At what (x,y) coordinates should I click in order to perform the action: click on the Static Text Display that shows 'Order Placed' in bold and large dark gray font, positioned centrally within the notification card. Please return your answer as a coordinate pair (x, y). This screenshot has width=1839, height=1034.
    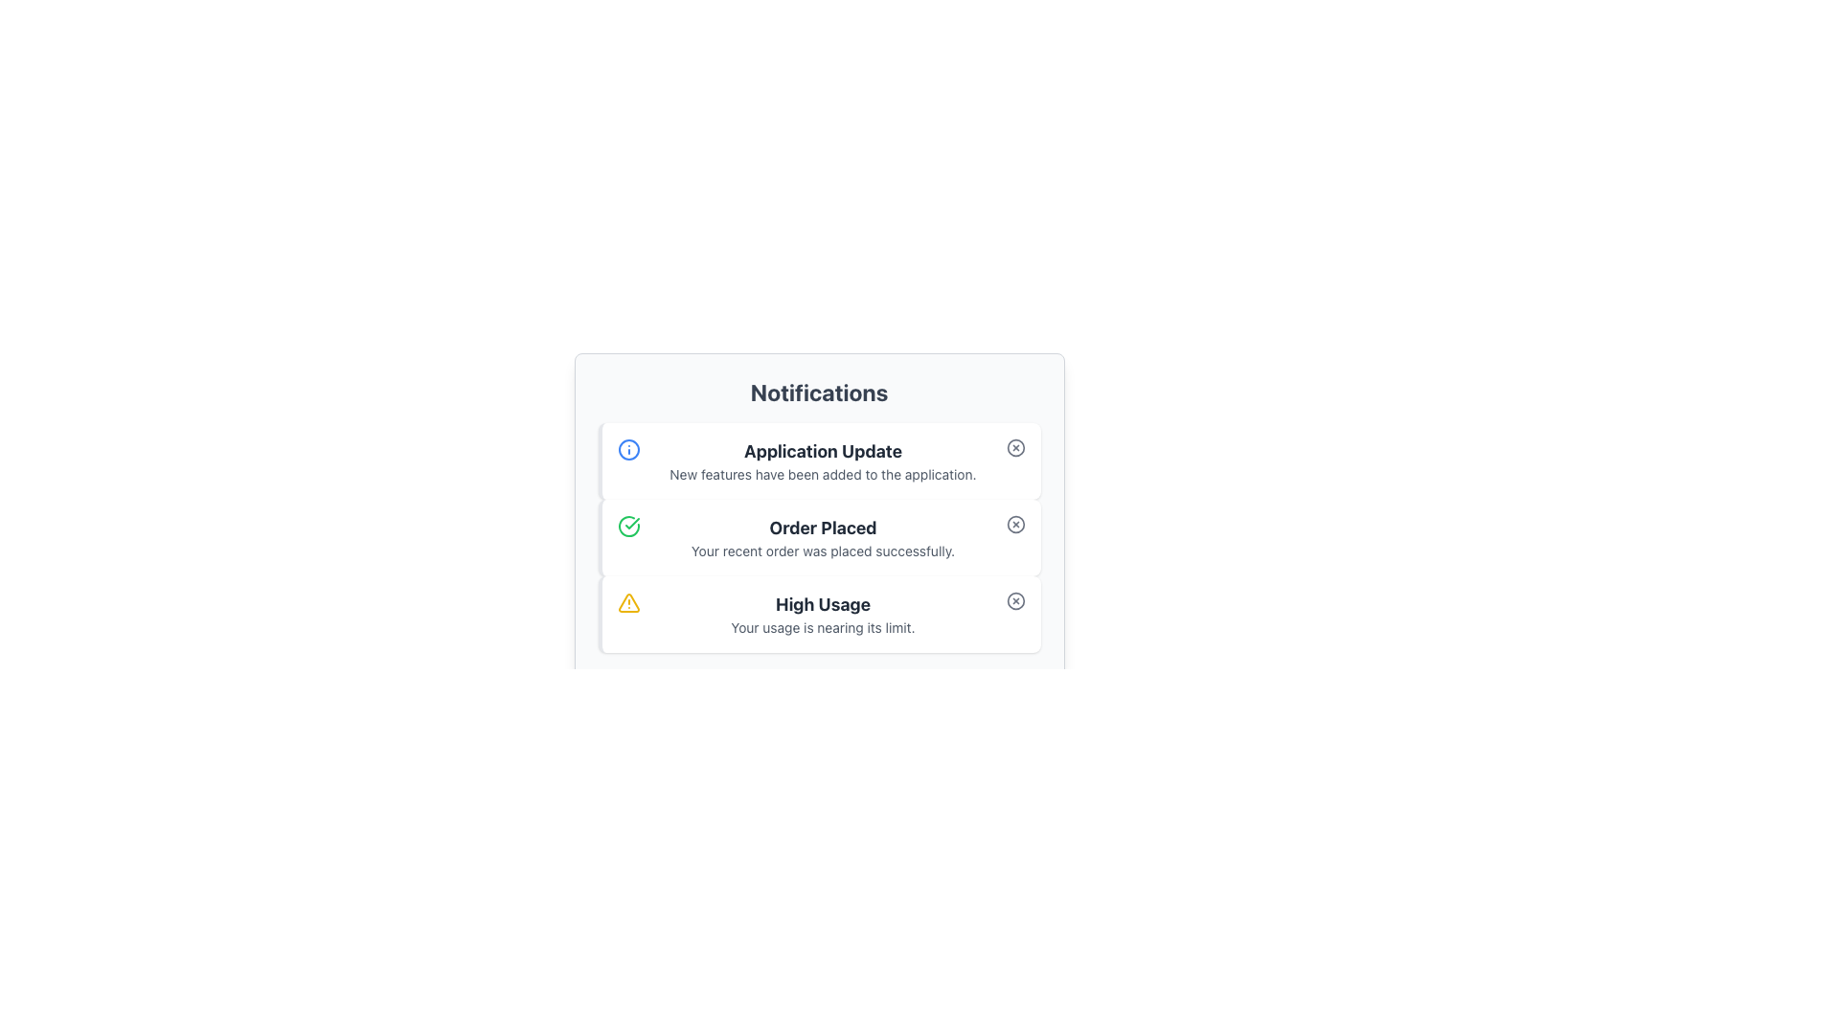
    Looking at the image, I should click on (823, 528).